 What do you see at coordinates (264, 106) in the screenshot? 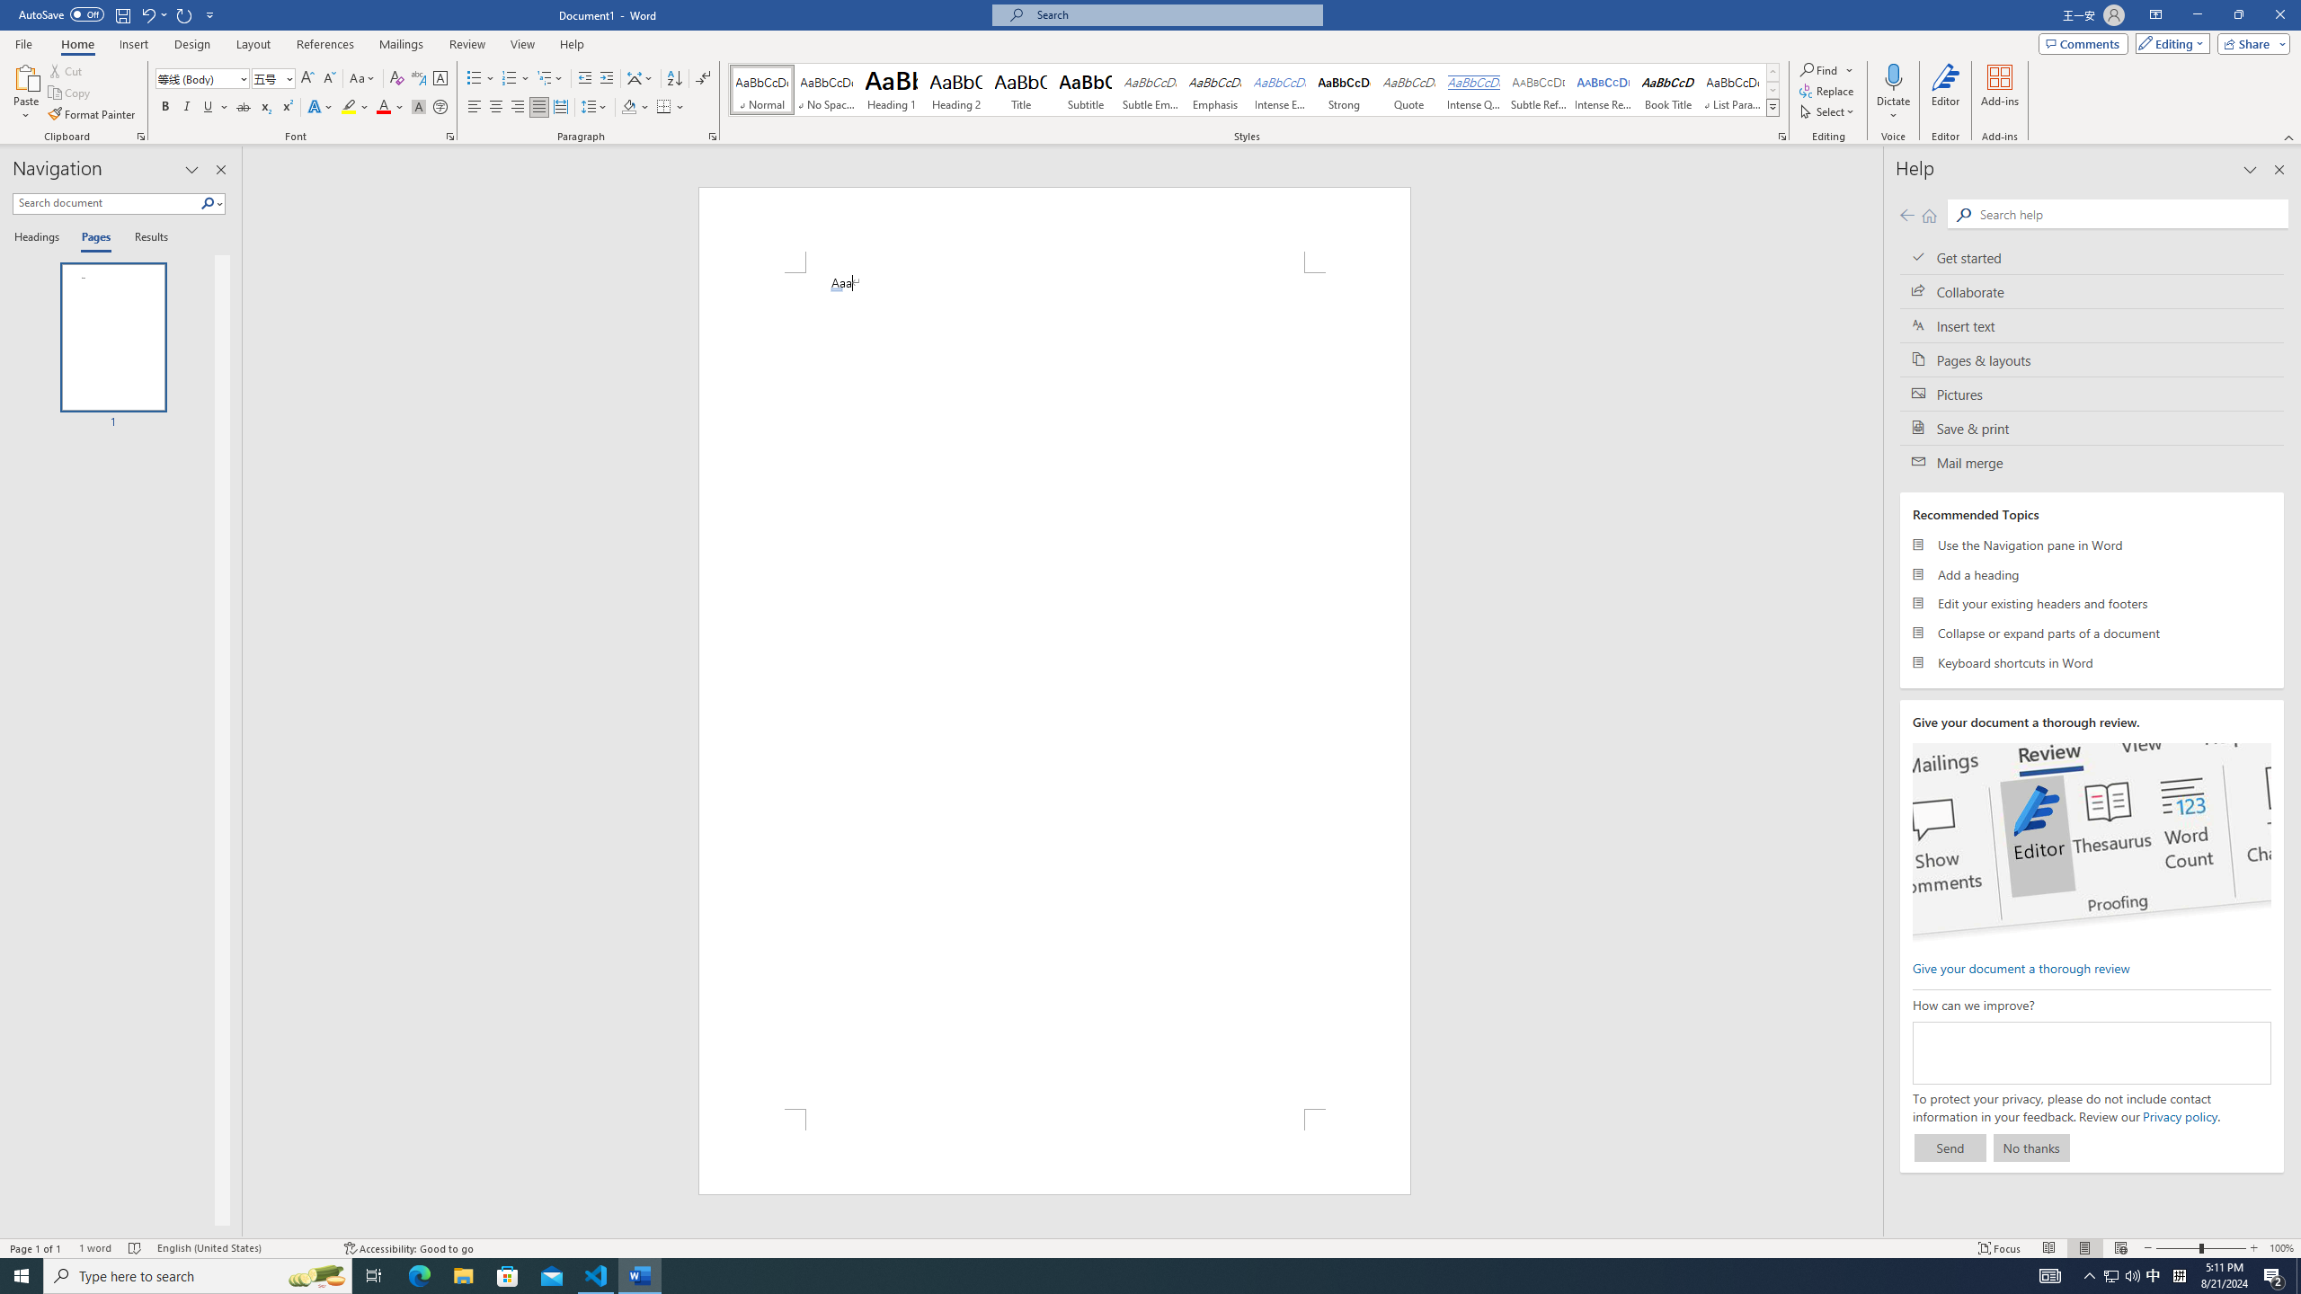
I see `'Subscript'` at bounding box center [264, 106].